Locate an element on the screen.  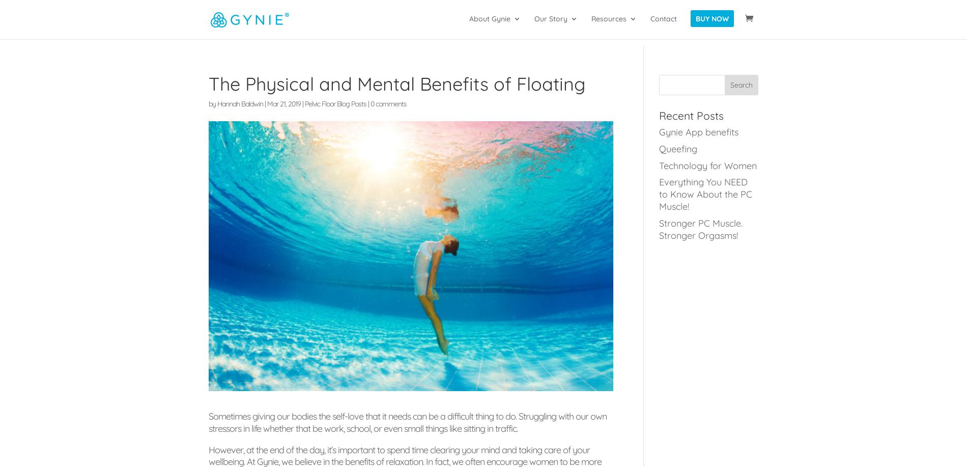
'Resources' is located at coordinates (608, 25).